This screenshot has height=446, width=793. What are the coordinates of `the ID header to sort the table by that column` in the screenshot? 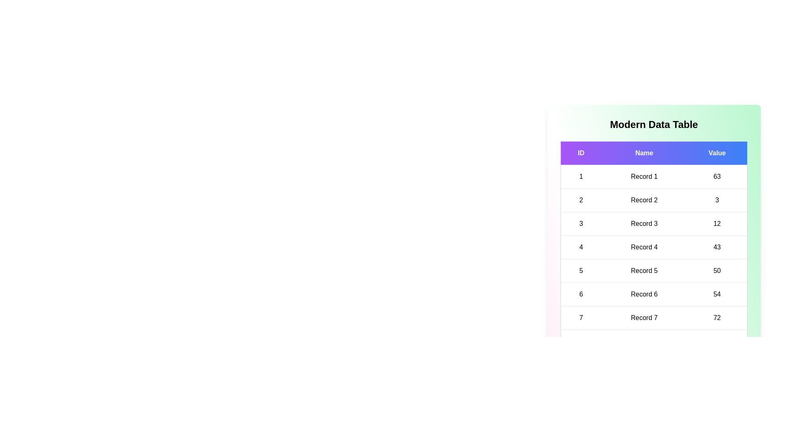 It's located at (580, 153).